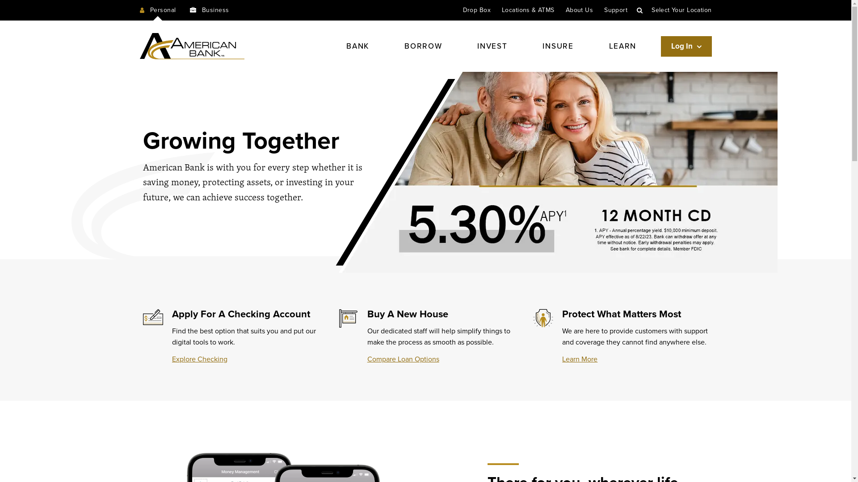 Image resolution: width=858 pixels, height=482 pixels. Describe the element at coordinates (580, 359) in the screenshot. I see `'Learn More` at that location.